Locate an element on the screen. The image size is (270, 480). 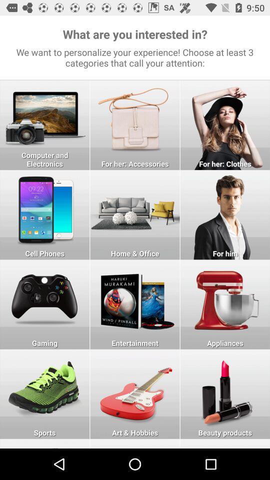
online marketing app is located at coordinates (225, 304).